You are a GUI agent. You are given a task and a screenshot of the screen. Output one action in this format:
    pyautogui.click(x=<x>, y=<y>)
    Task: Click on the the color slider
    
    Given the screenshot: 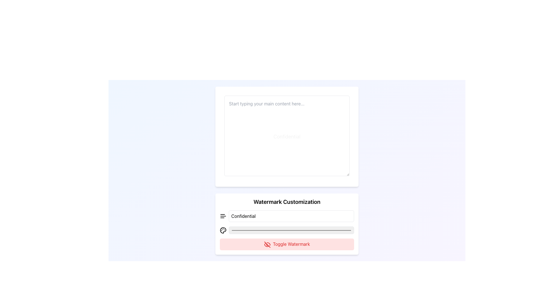 What is the action you would take?
    pyautogui.click(x=329, y=230)
    